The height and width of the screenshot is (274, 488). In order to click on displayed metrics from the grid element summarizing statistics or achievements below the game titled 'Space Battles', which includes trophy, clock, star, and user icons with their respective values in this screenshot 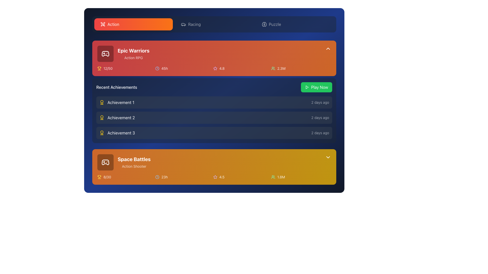, I will do `click(211, 177)`.